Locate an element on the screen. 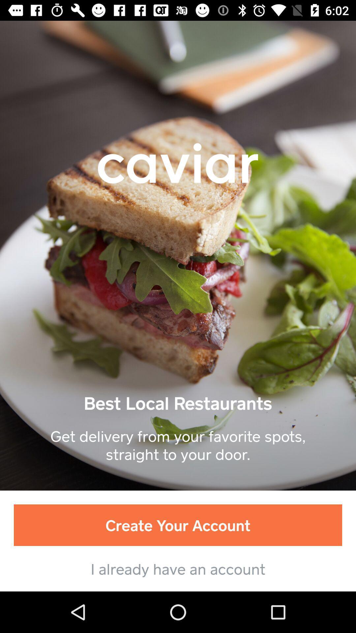  i already have item is located at coordinates (178, 568).